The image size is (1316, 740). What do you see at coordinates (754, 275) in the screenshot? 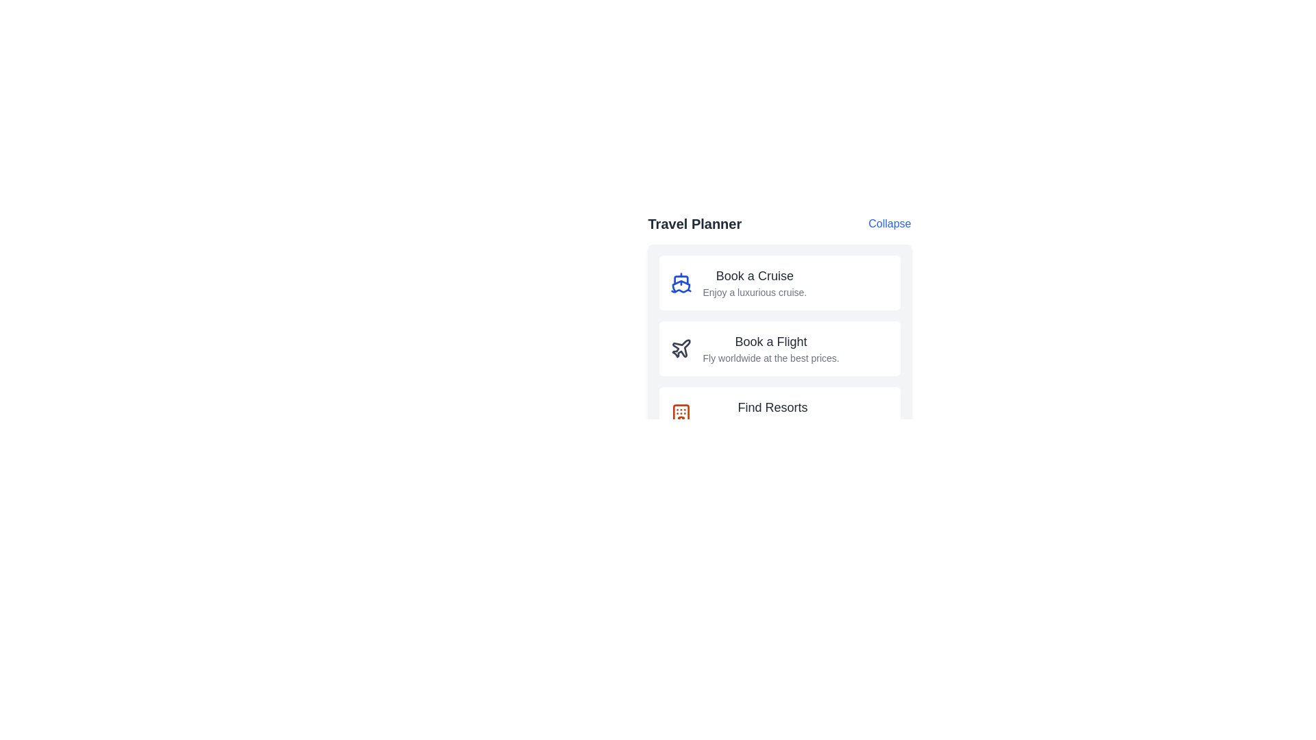
I see `static text label that serves as a heading for the cruise booking section, positioned above the description text and right-aligned with a ship icon` at bounding box center [754, 275].